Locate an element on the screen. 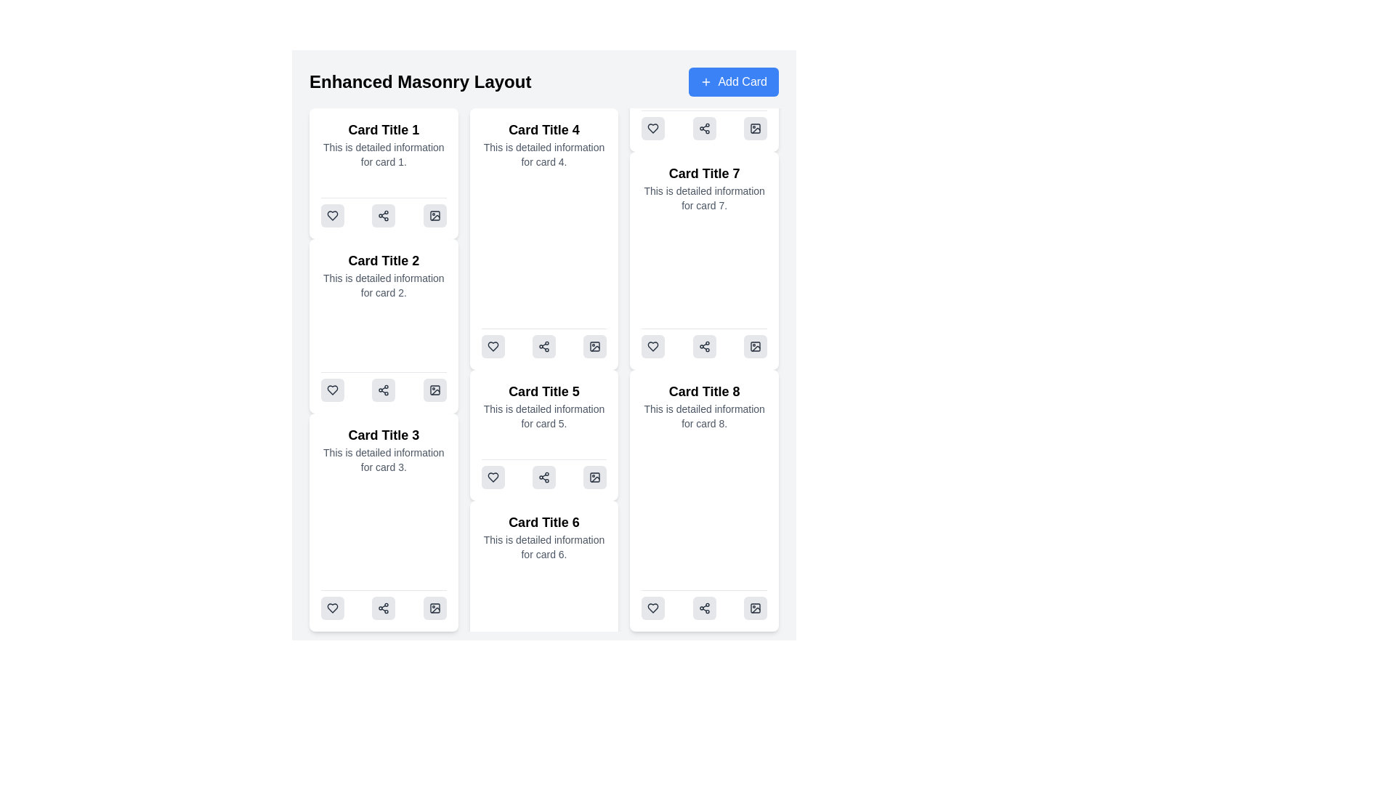 This screenshot has height=785, width=1395. the share button, which features a connection symbol with three circles and two lines, located in the third column, eighth card, at the center of the action buttons row is located at coordinates (704, 608).